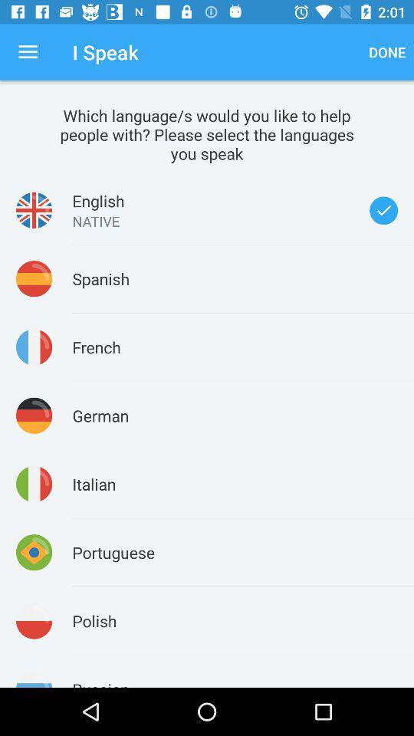  What do you see at coordinates (386, 52) in the screenshot?
I see `icon next to i speak` at bounding box center [386, 52].